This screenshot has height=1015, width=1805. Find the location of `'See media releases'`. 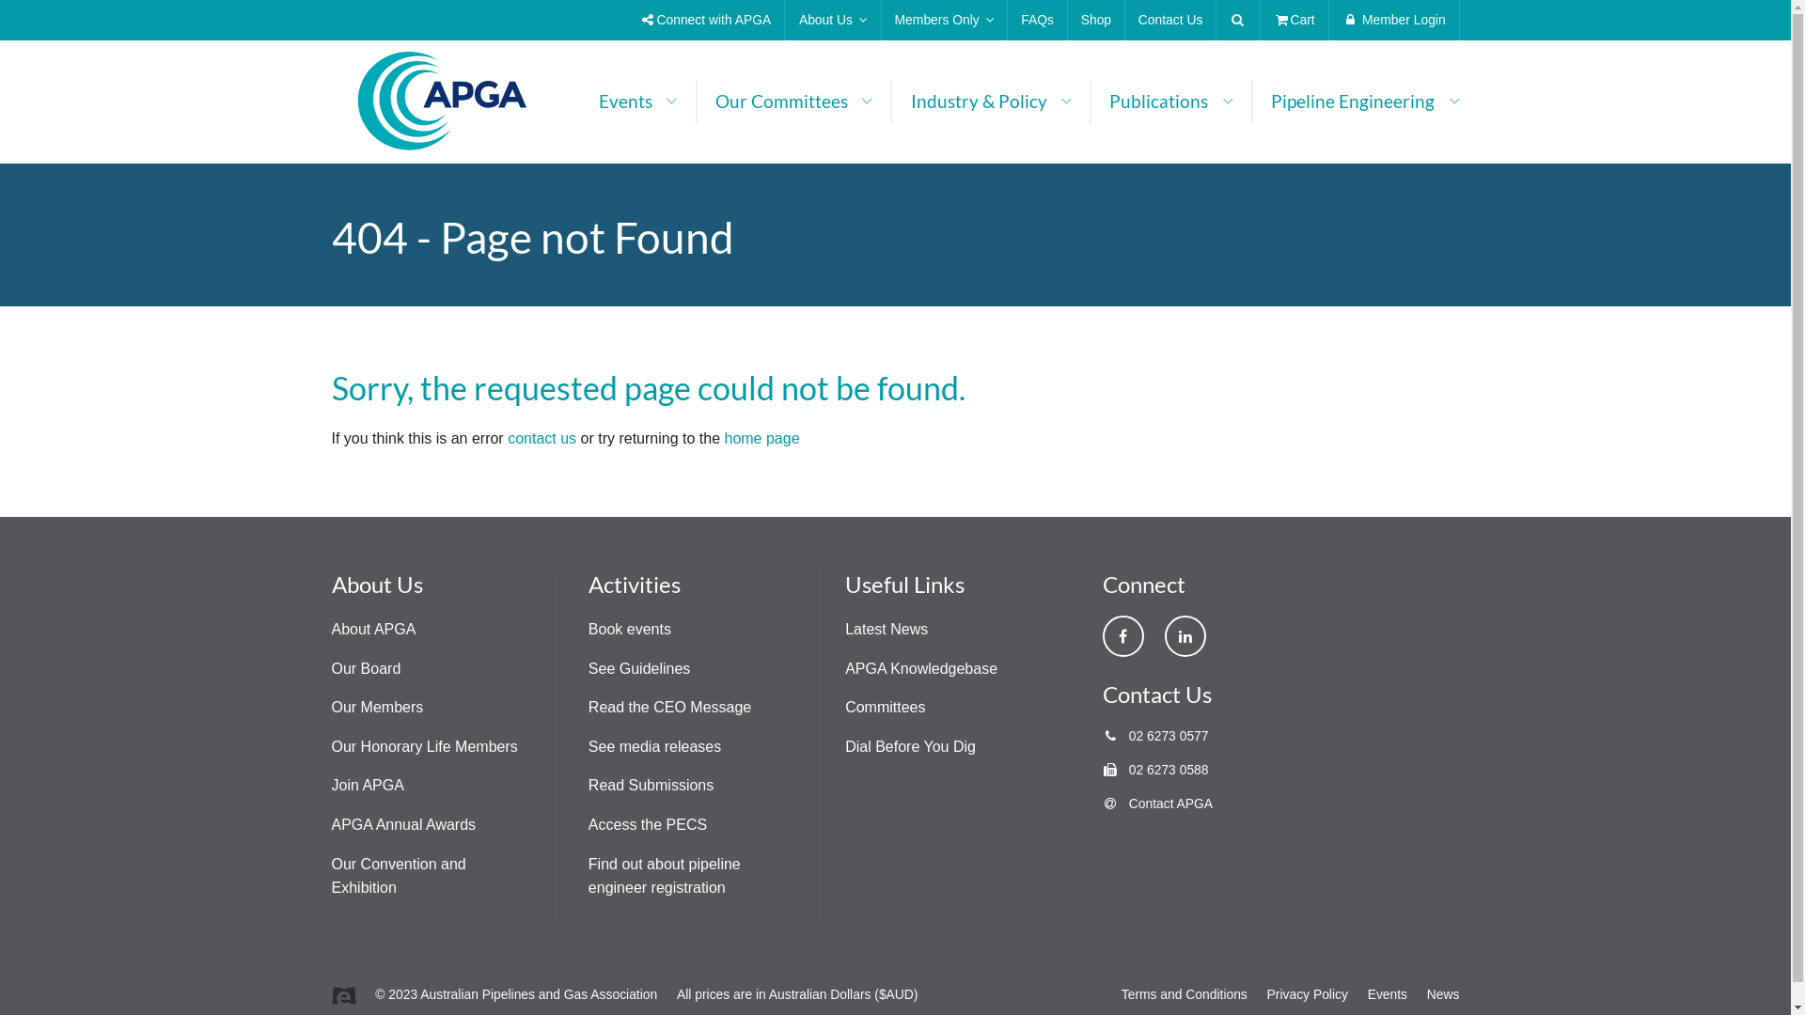

'See media releases' is located at coordinates (654, 745).